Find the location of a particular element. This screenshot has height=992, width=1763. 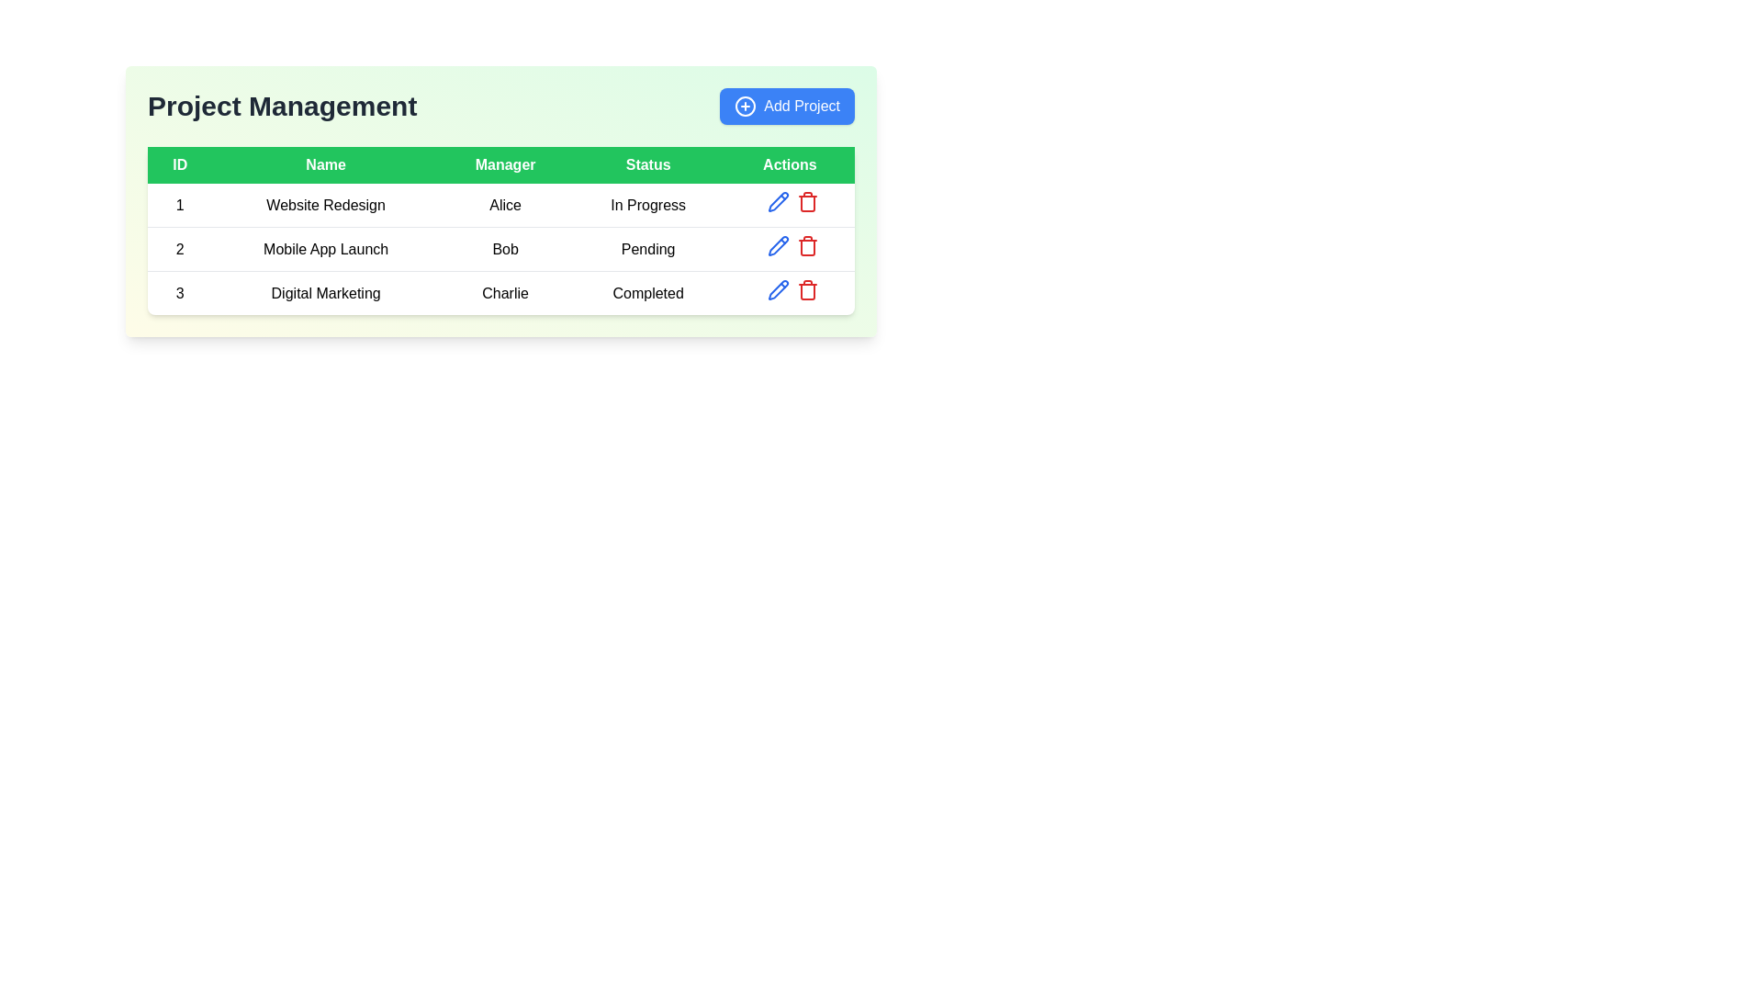

the Text element displaying the manager's name in the 'Manager' column of the second row in the project table, located between 'Mobile App Launch' and 'Pending' is located at coordinates (505, 249).